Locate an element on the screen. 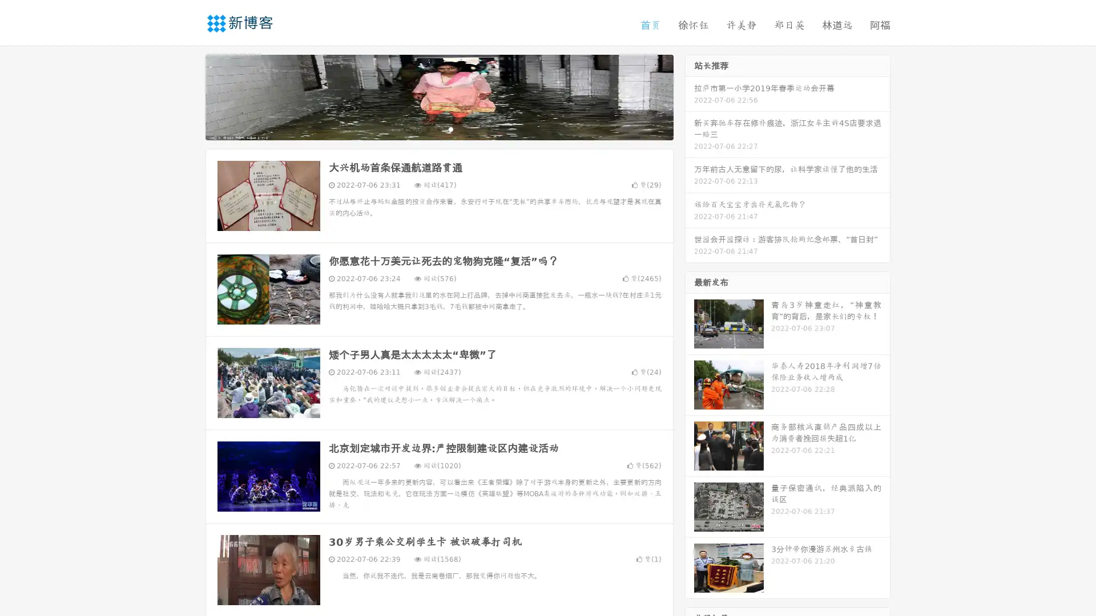 The image size is (1096, 616). Go to slide 3 is located at coordinates (450, 128).